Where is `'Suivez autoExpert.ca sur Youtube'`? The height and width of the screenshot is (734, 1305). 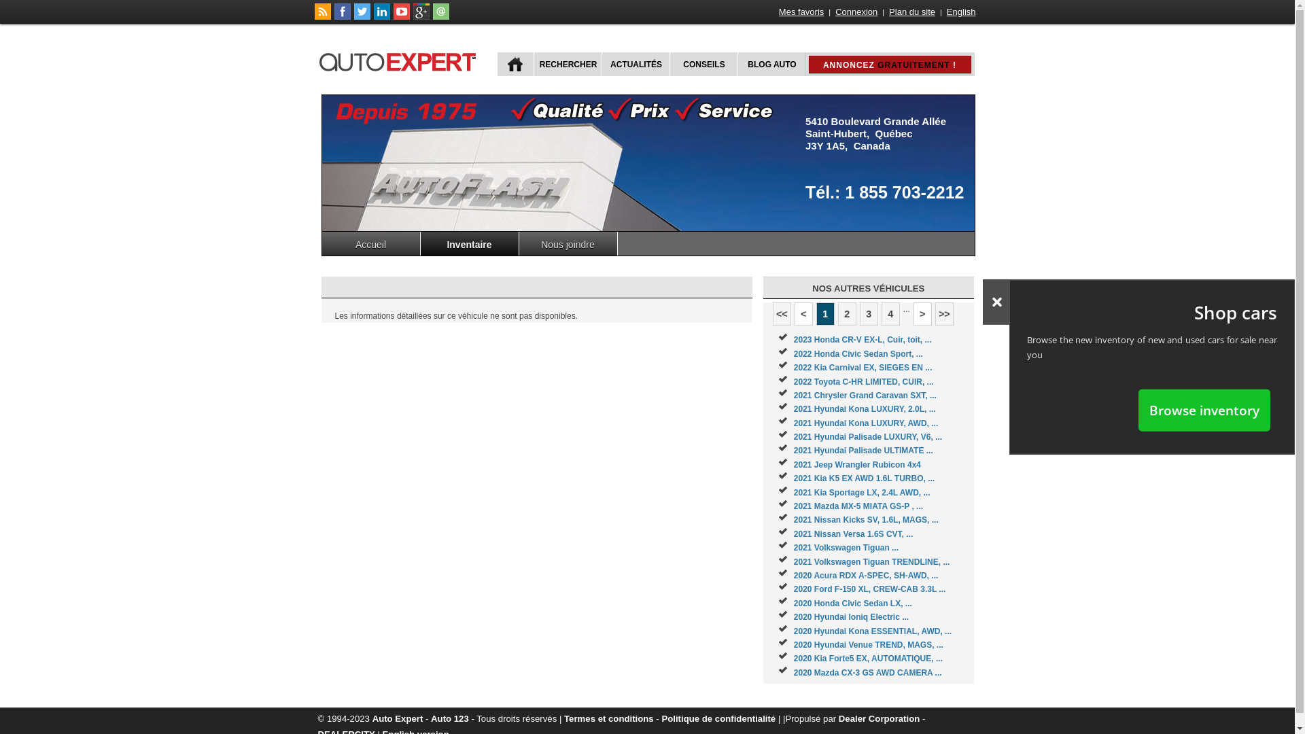 'Suivez autoExpert.ca sur Youtube' is located at coordinates (400, 16).